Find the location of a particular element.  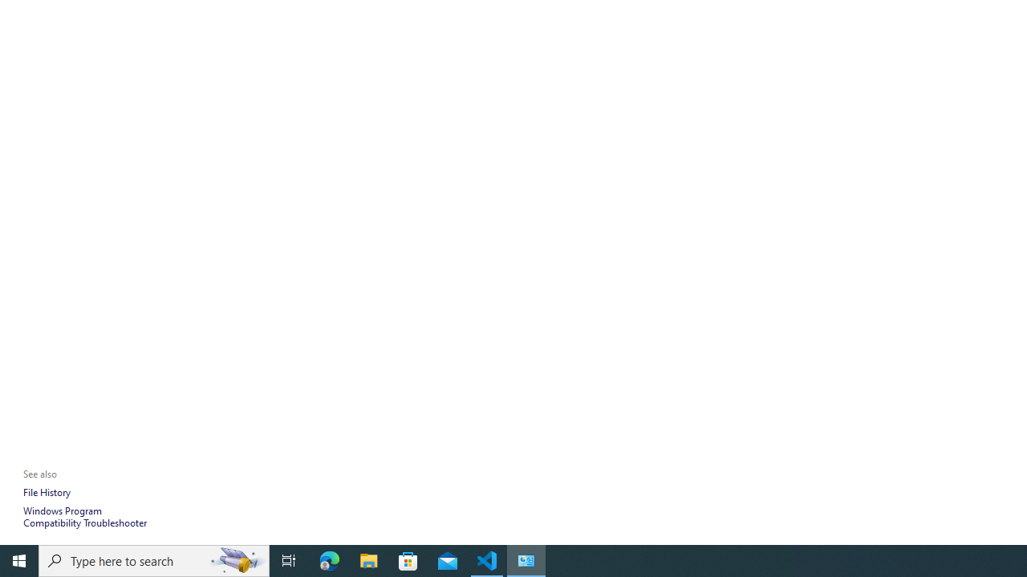

'Windows Program Compatibility Troubleshooter' is located at coordinates (84, 517).